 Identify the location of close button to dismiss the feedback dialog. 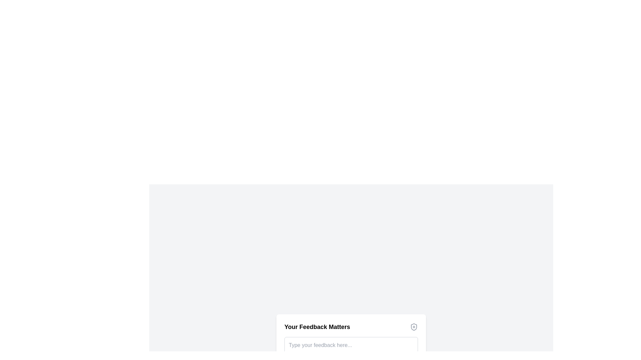
(413, 326).